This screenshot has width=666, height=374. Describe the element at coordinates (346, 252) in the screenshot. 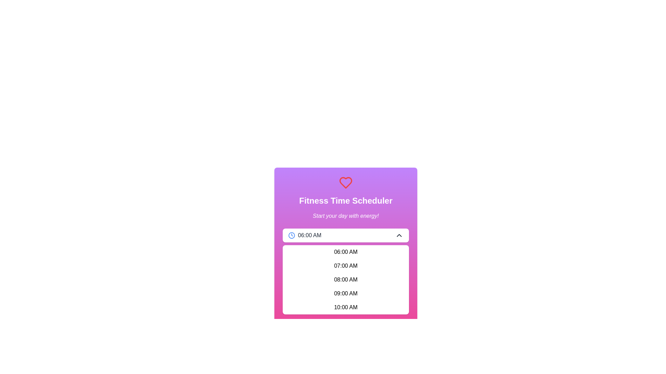

I see `the first selectable time option in the dropdown menu labeled '06:00 AM'` at that location.